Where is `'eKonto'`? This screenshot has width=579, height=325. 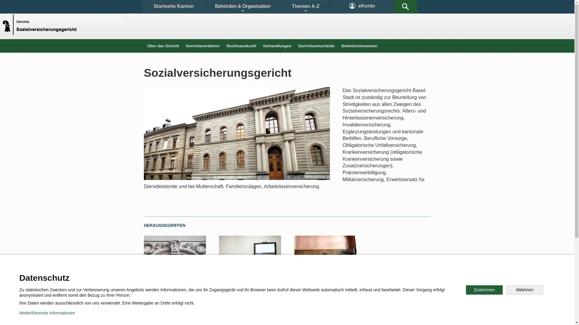
'eKonto' is located at coordinates (362, 7).